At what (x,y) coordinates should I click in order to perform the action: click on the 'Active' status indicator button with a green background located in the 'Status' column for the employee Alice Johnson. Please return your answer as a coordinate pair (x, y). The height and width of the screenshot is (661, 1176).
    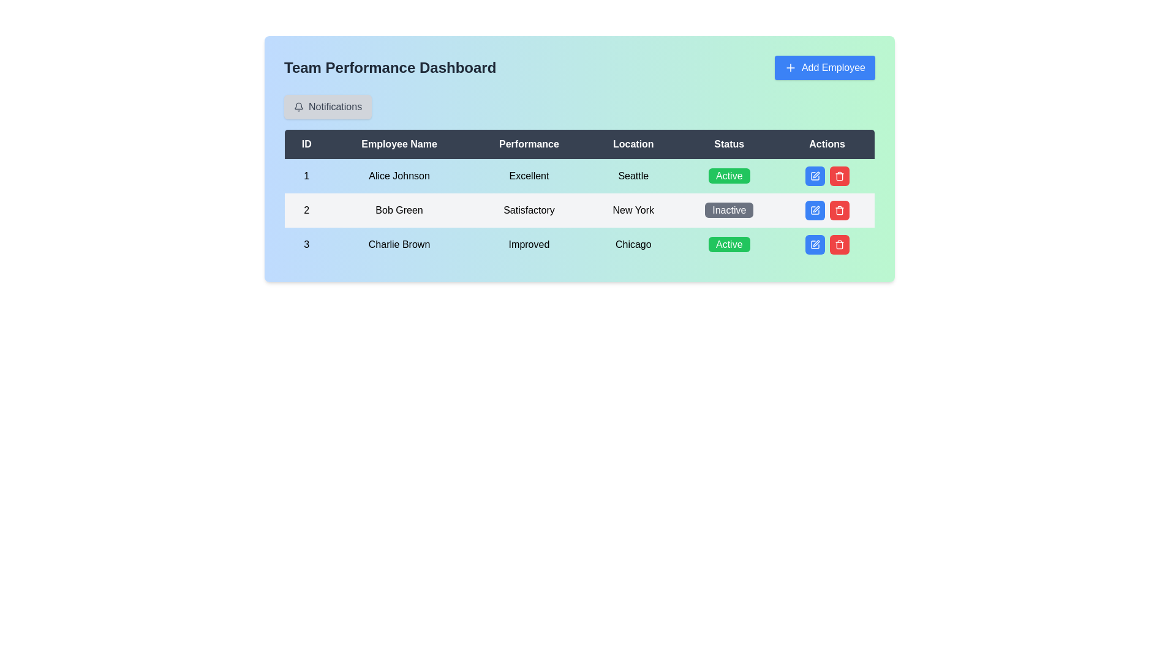
    Looking at the image, I should click on (729, 176).